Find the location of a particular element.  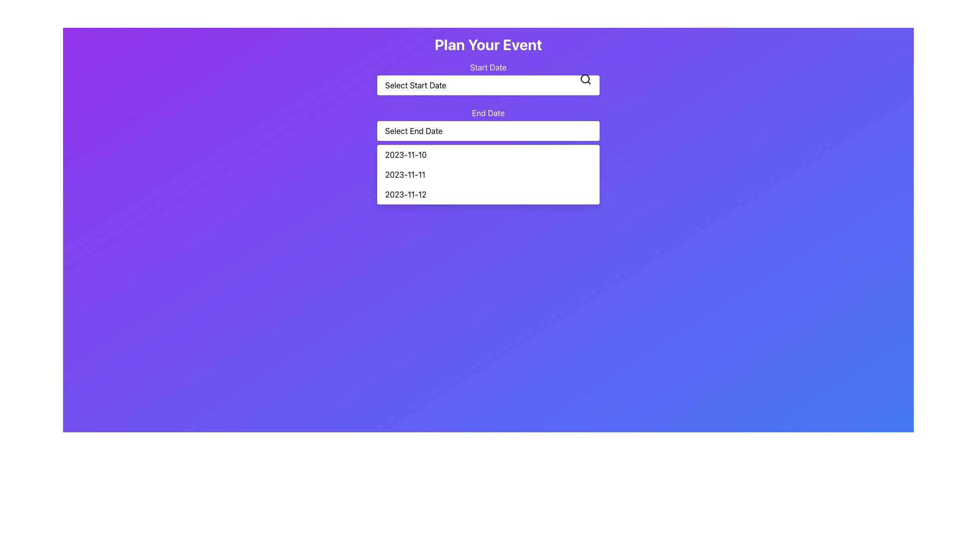

the dropdown list item displaying the date '2023-11-10' is located at coordinates (488, 155).